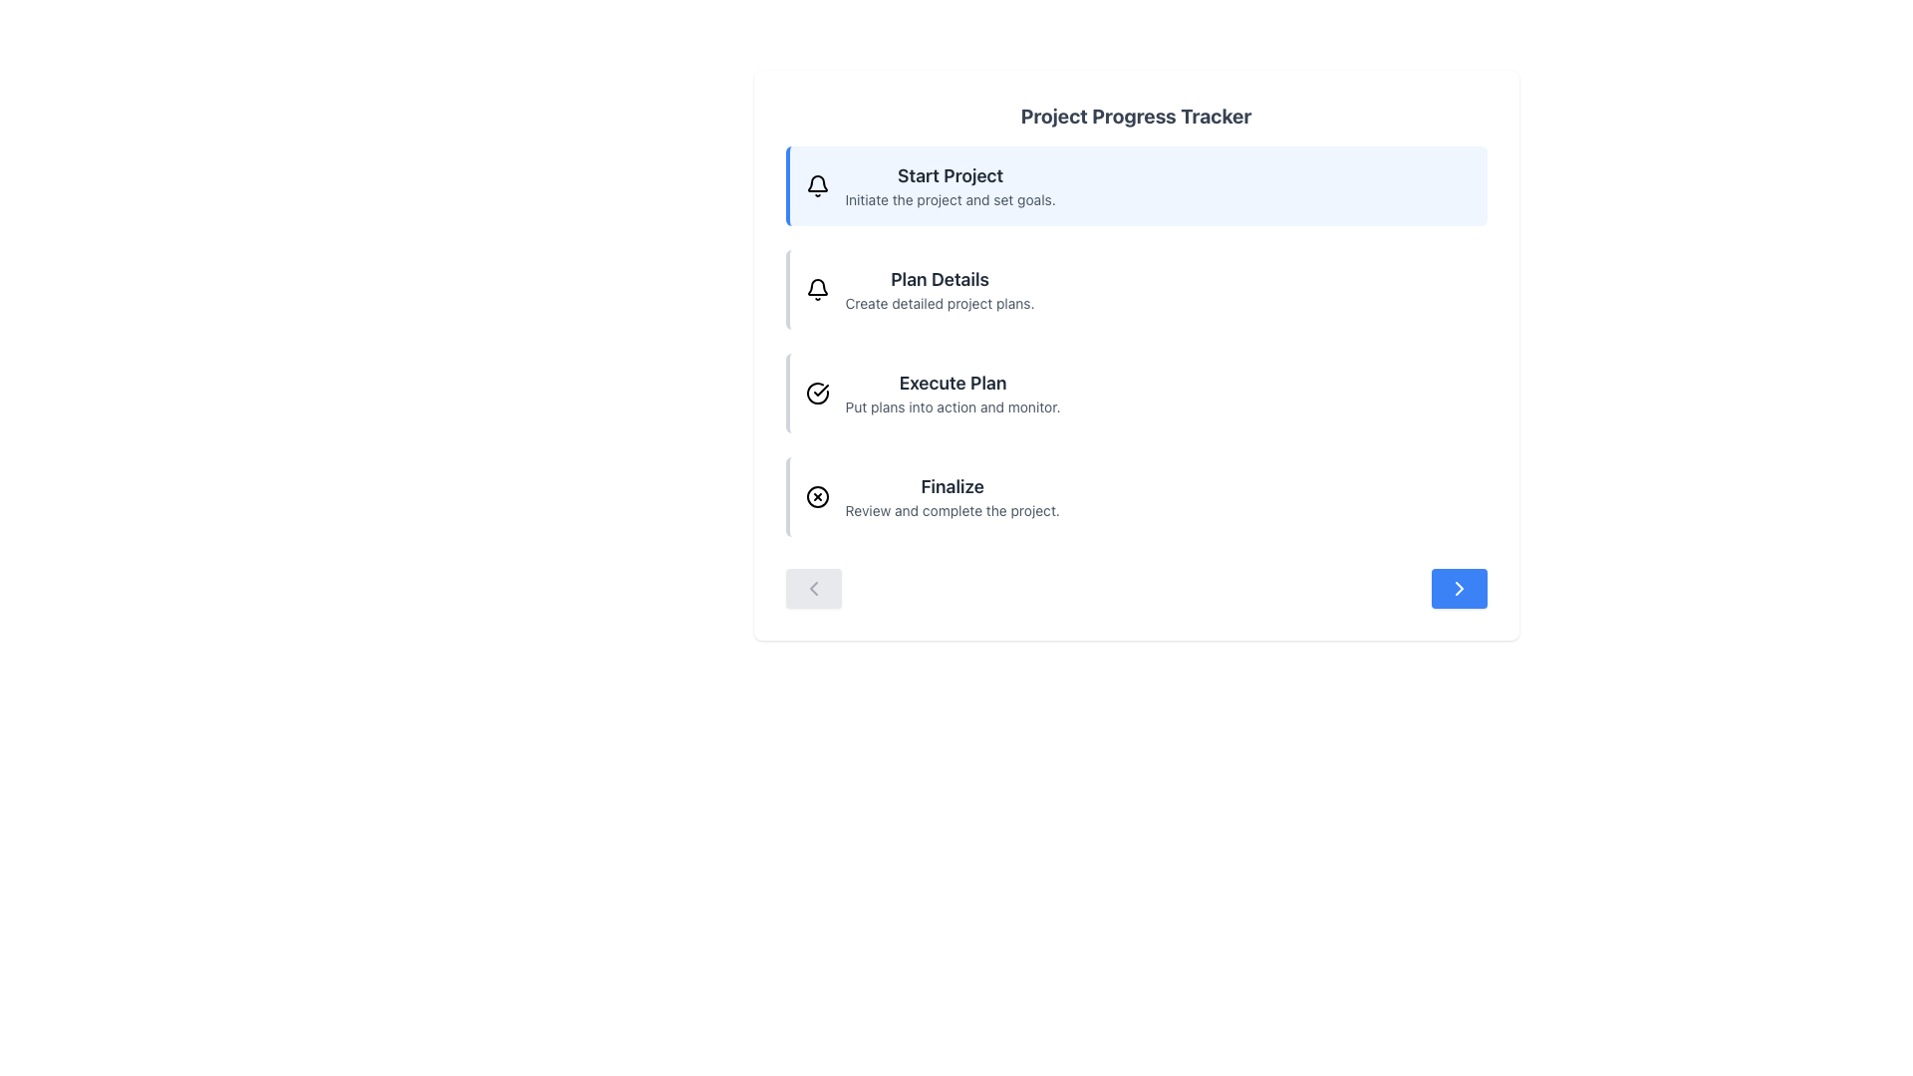  What do you see at coordinates (817, 495) in the screenshot?
I see `the SVG circle element with a black border and white fill, which is part of the cross-in-circle icon in the 'Finalize' section of the 'Project Progress Tracker'` at bounding box center [817, 495].